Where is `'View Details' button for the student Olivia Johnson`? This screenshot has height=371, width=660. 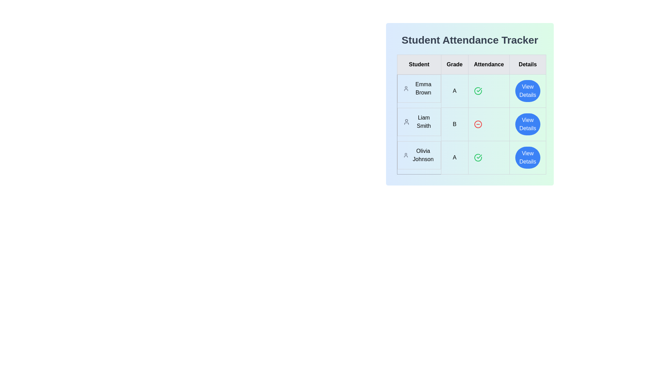 'View Details' button for the student Olivia Johnson is located at coordinates (527, 158).